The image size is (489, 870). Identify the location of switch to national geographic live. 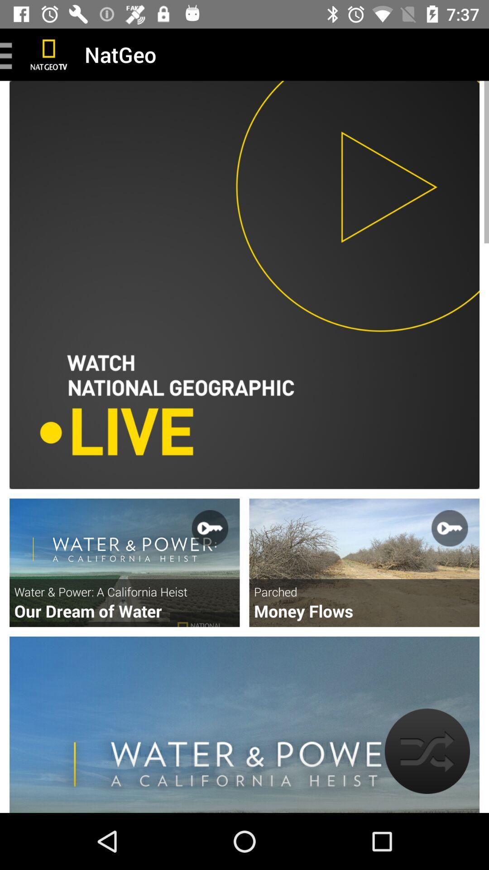
(244, 284).